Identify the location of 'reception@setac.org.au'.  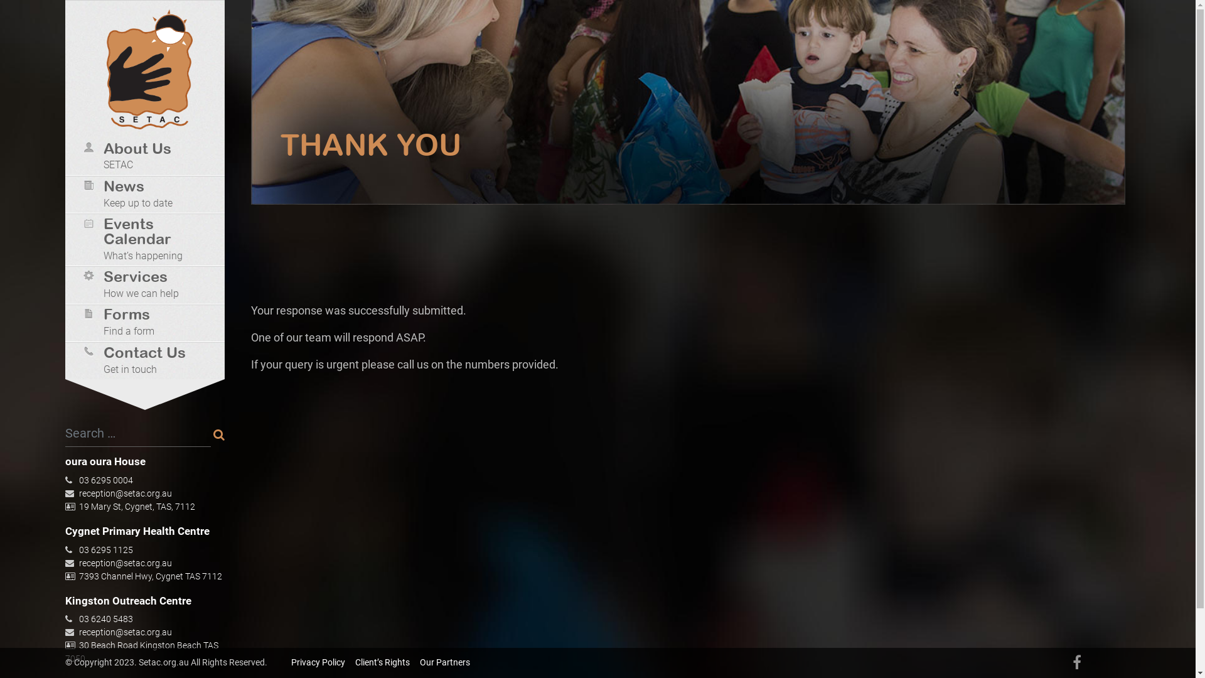
(78, 632).